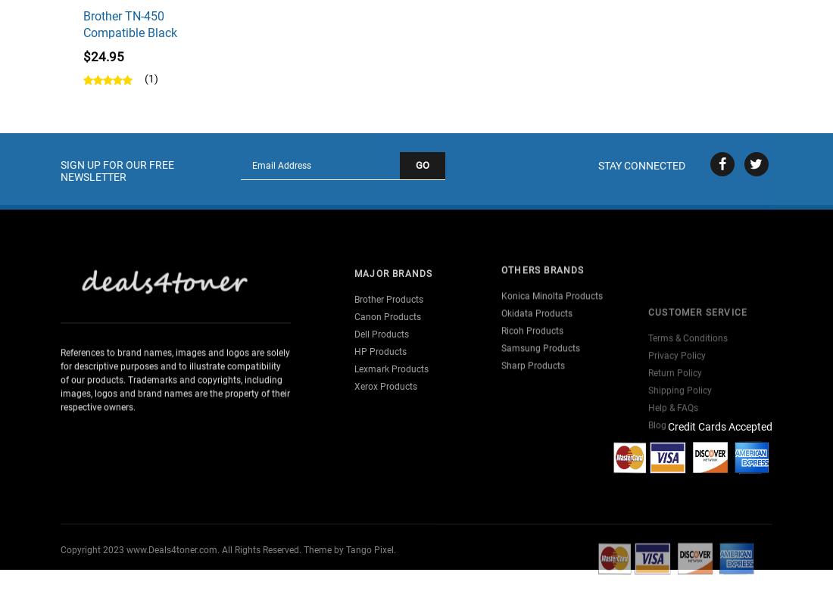 This screenshot has width=833, height=591. I want to click on '$24.95', so click(103, 56).